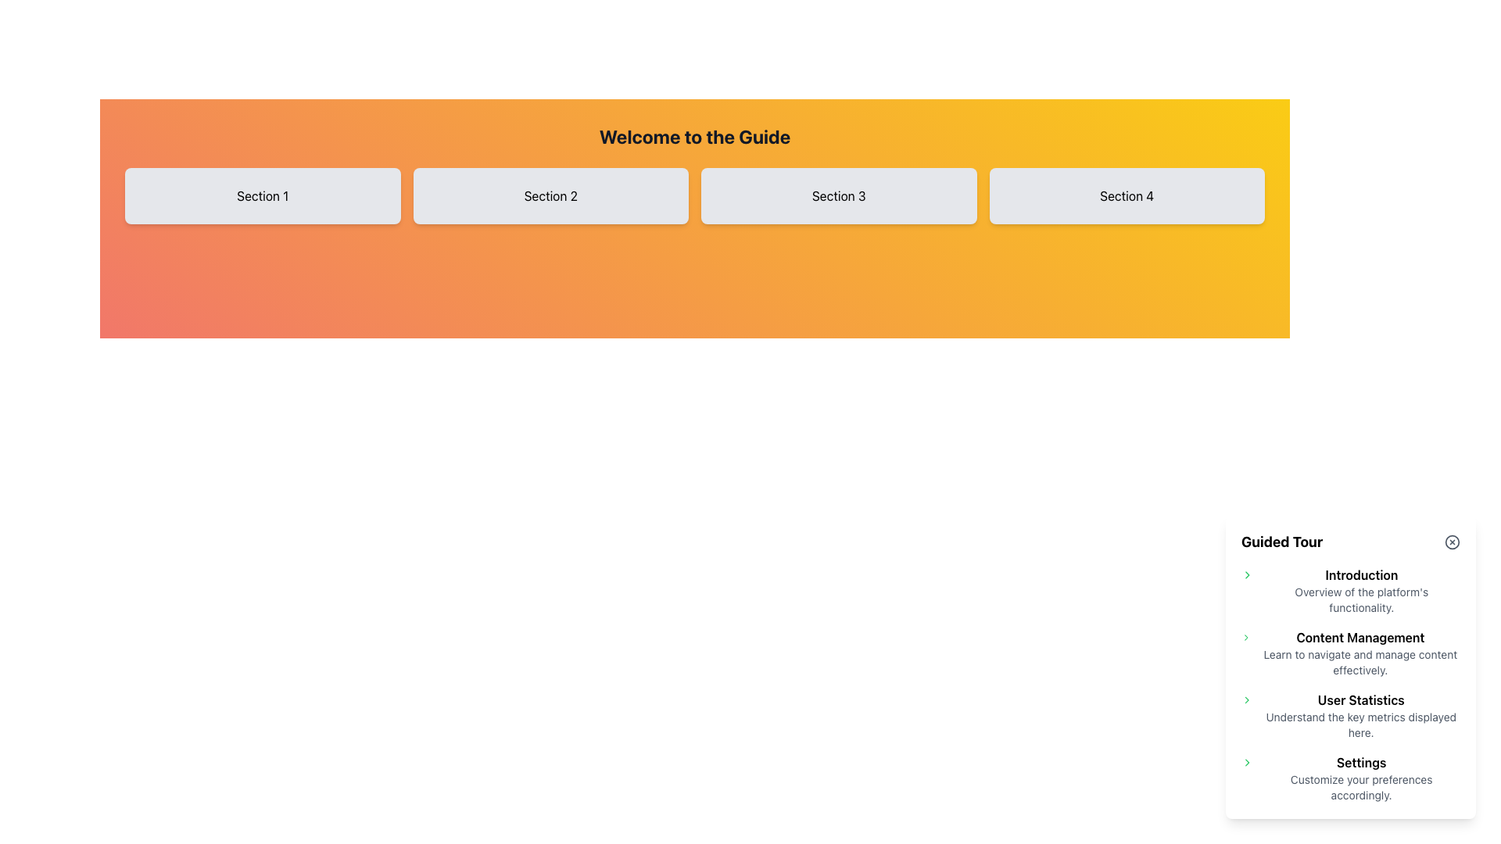 The height and width of the screenshot is (844, 1501). What do you see at coordinates (1451, 542) in the screenshot?
I see `the SVG Circle element located in the bottom-right corner of the interface, which is part of an icon indicating a close or dismiss action` at bounding box center [1451, 542].